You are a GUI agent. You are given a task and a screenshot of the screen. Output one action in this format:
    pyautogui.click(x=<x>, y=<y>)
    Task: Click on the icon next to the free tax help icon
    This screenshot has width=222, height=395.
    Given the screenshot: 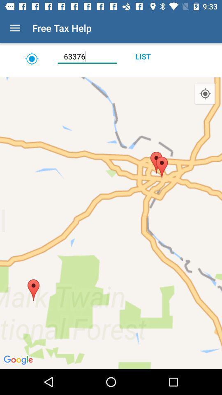 What is the action you would take?
    pyautogui.click(x=15, y=28)
    